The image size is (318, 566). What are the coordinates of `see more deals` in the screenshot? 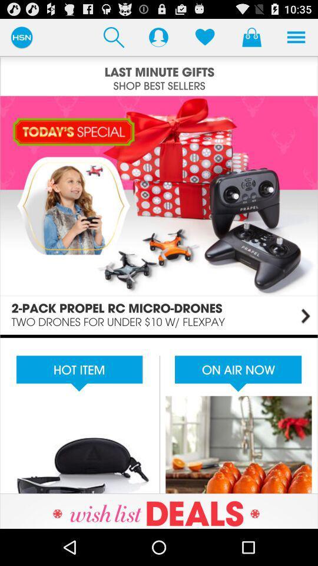 It's located at (159, 511).